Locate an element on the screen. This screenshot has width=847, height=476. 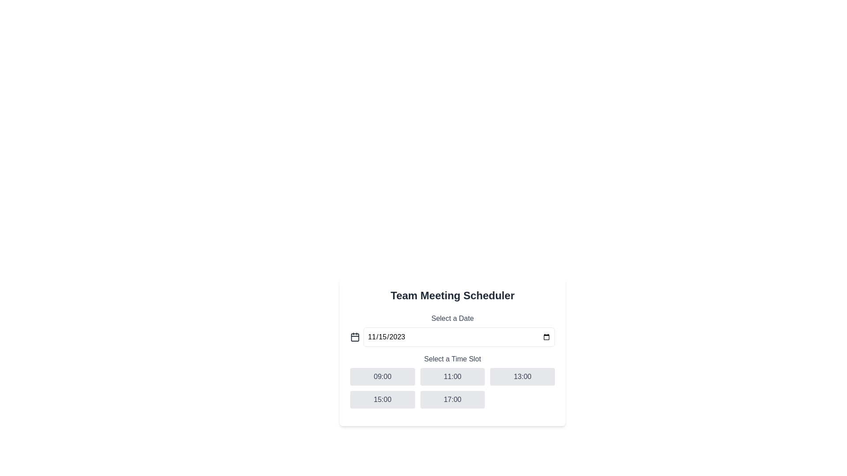
the text label that reads 'Select a Time Slot', which is styled with a gray font and located above the grid of time slot buttons is located at coordinates (453, 359).